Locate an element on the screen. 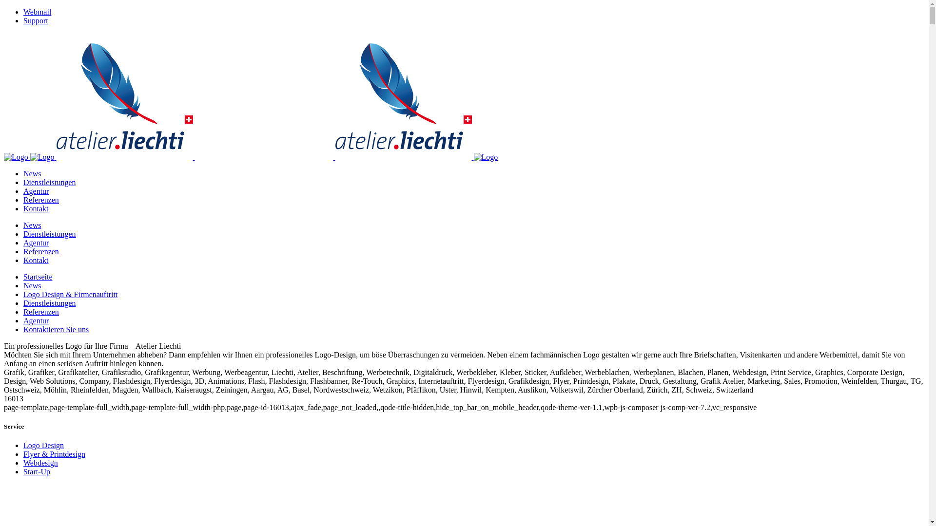  'News' is located at coordinates (32, 225).